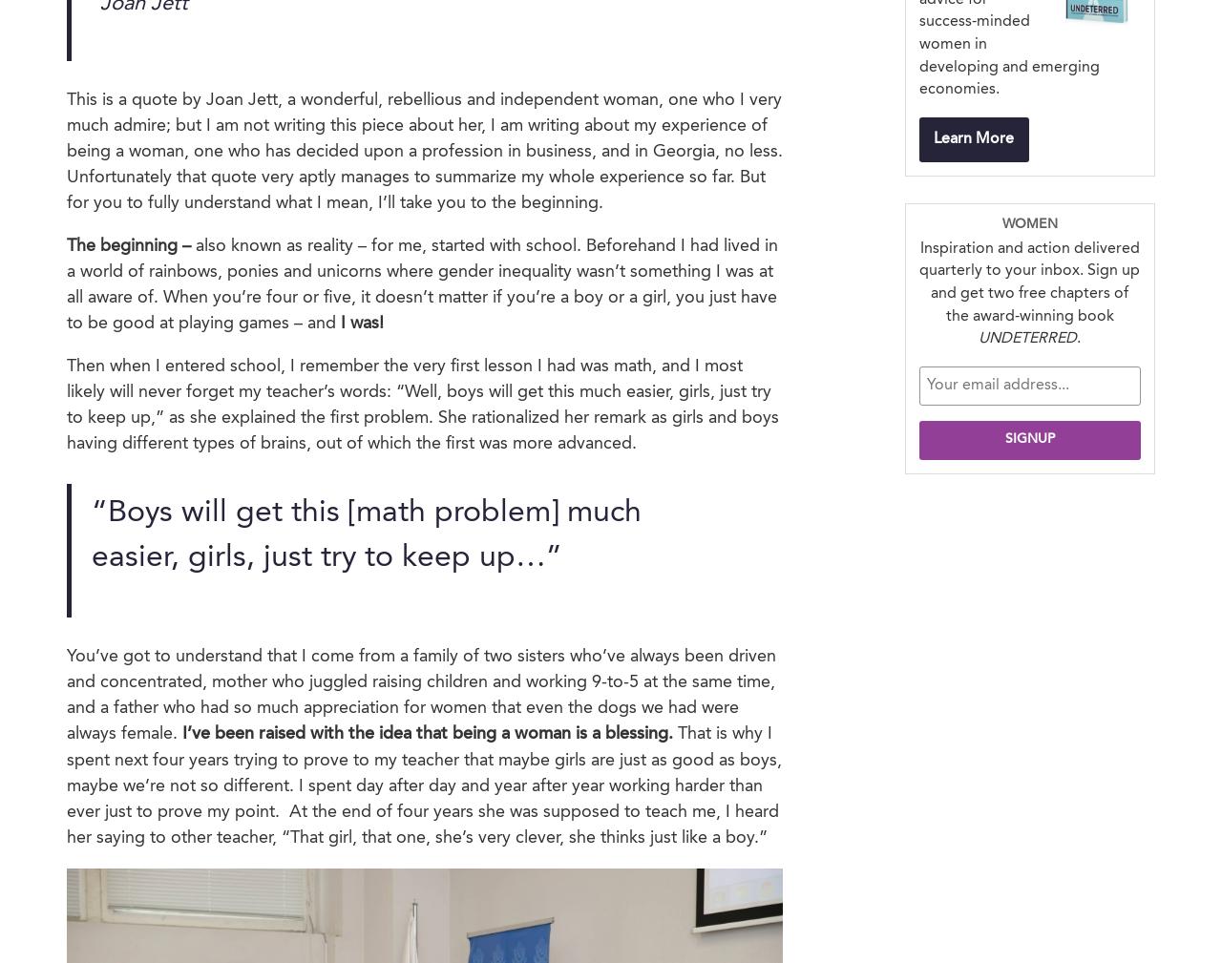 The image size is (1222, 963). What do you see at coordinates (67, 150) in the screenshot?
I see `'This is a quote by Joan Jett, a wonderful, rebellious and independent woman, one who I very much admire; but I am not writing this piece about her, I am writing about my experience of being a woman, one who has decided upon a profession in business, and in Georgia, no less. Unfortunately that quote very aptly manages to summarize my whole experience so far. But for you to fully understand what I mean, I’ll take you to the beginning.'` at bounding box center [67, 150].